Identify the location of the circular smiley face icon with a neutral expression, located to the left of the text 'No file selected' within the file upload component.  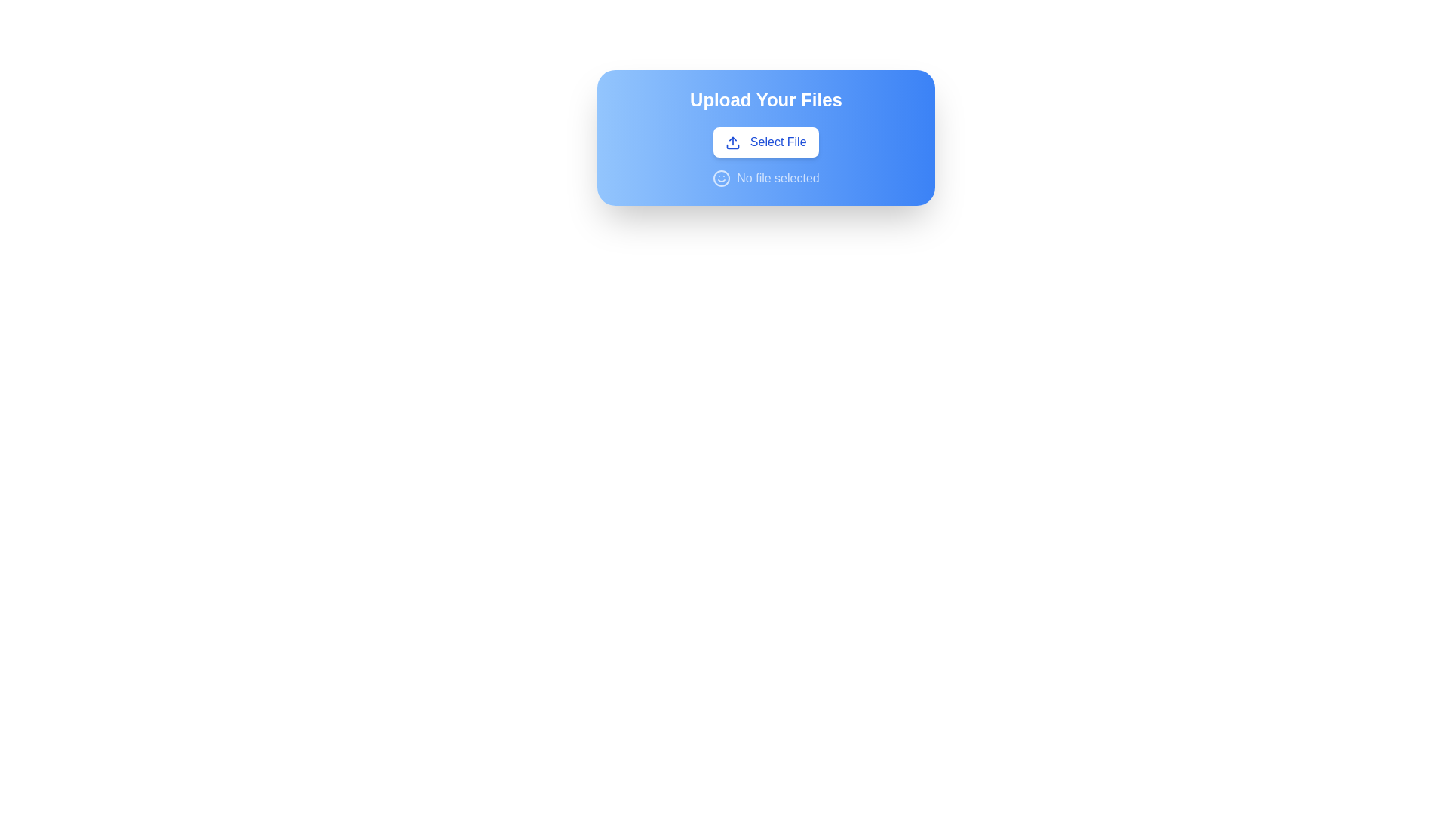
(721, 177).